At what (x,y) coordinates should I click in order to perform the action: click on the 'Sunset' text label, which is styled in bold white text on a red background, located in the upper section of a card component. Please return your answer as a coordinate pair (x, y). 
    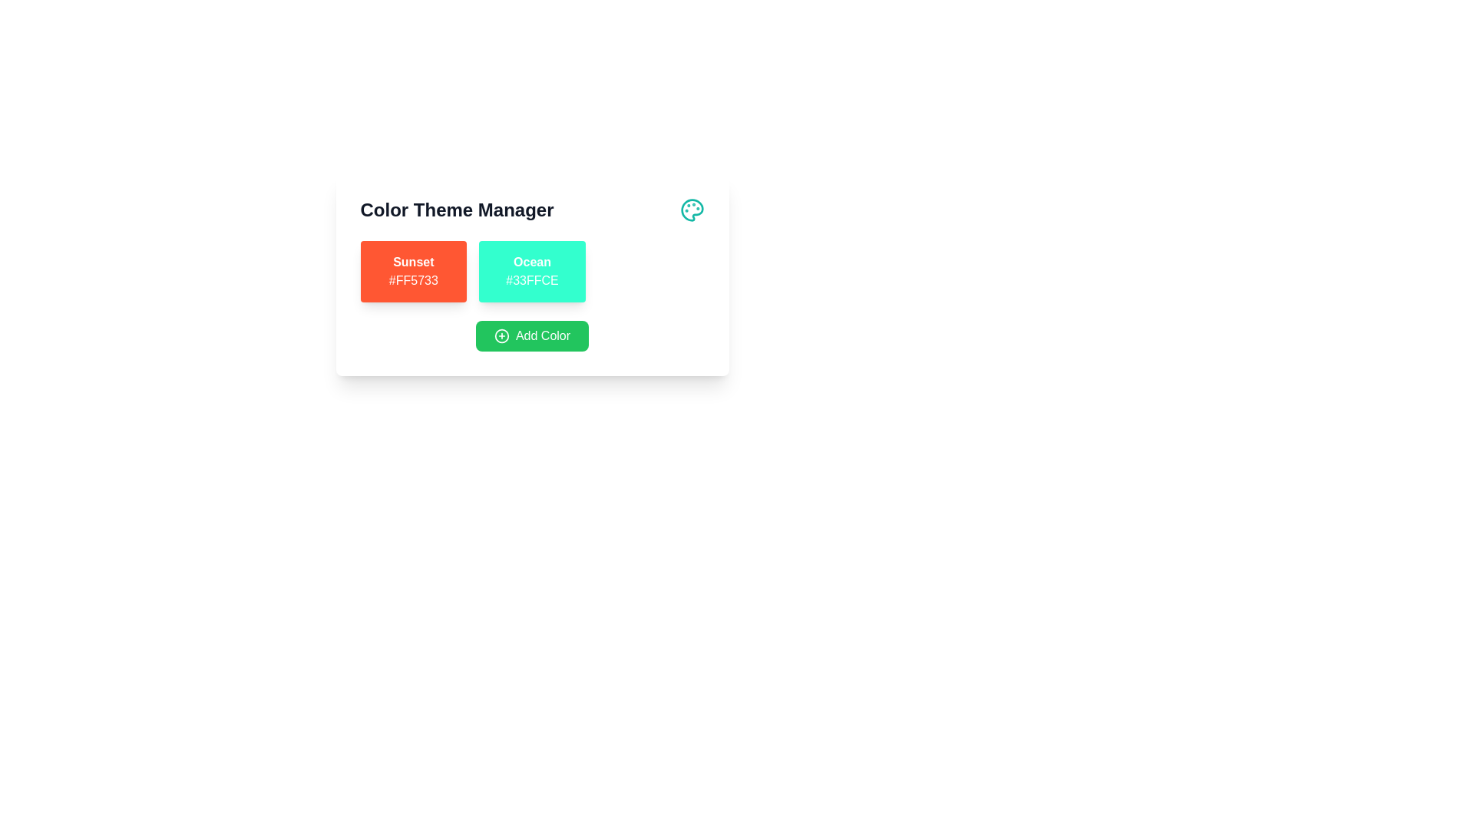
    Looking at the image, I should click on (413, 262).